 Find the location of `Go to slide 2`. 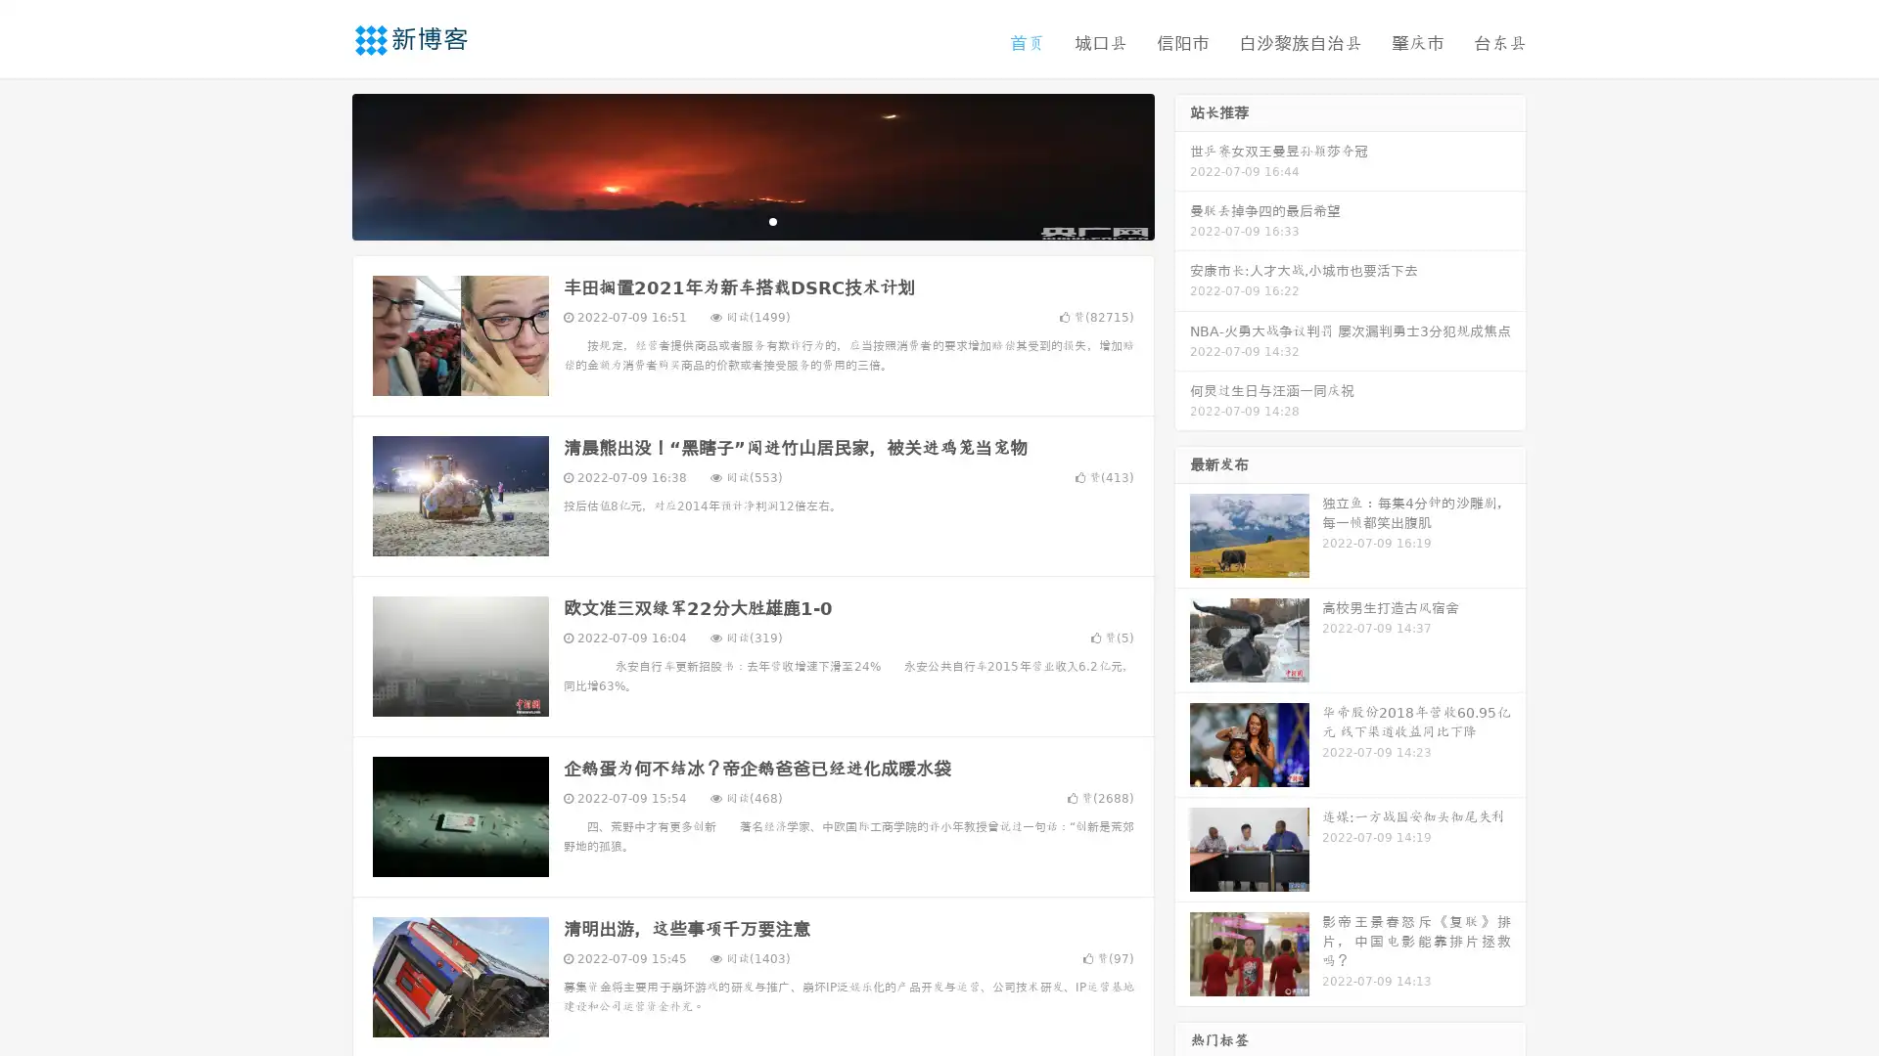

Go to slide 2 is located at coordinates (752, 220).